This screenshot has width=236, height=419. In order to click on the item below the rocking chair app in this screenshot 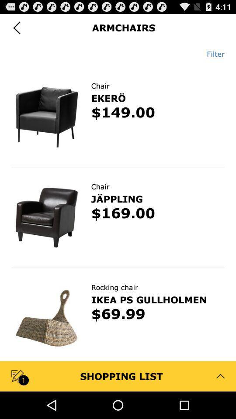, I will do `click(149, 299)`.